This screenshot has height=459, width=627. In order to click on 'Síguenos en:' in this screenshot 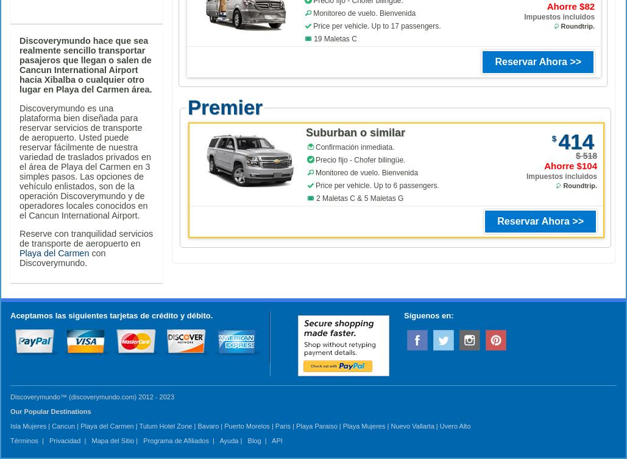, I will do `click(403, 315)`.